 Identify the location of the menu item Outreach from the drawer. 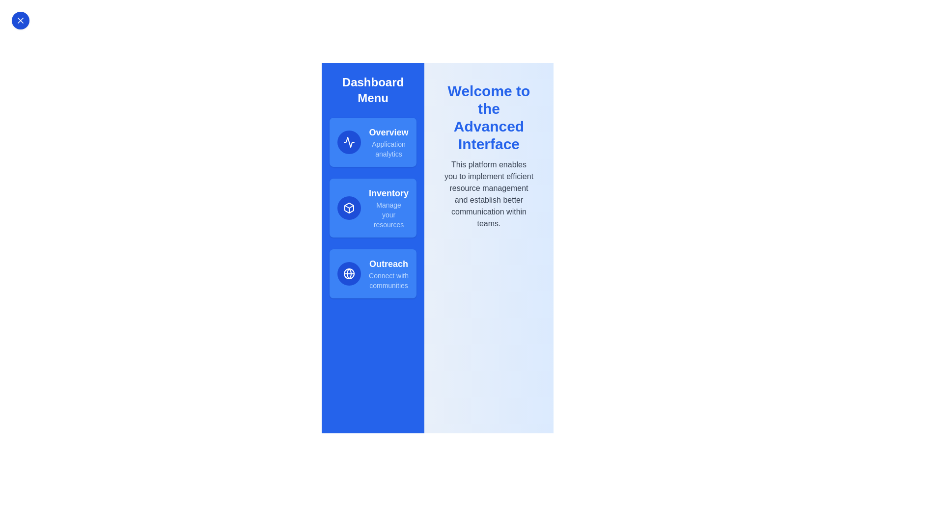
(372, 274).